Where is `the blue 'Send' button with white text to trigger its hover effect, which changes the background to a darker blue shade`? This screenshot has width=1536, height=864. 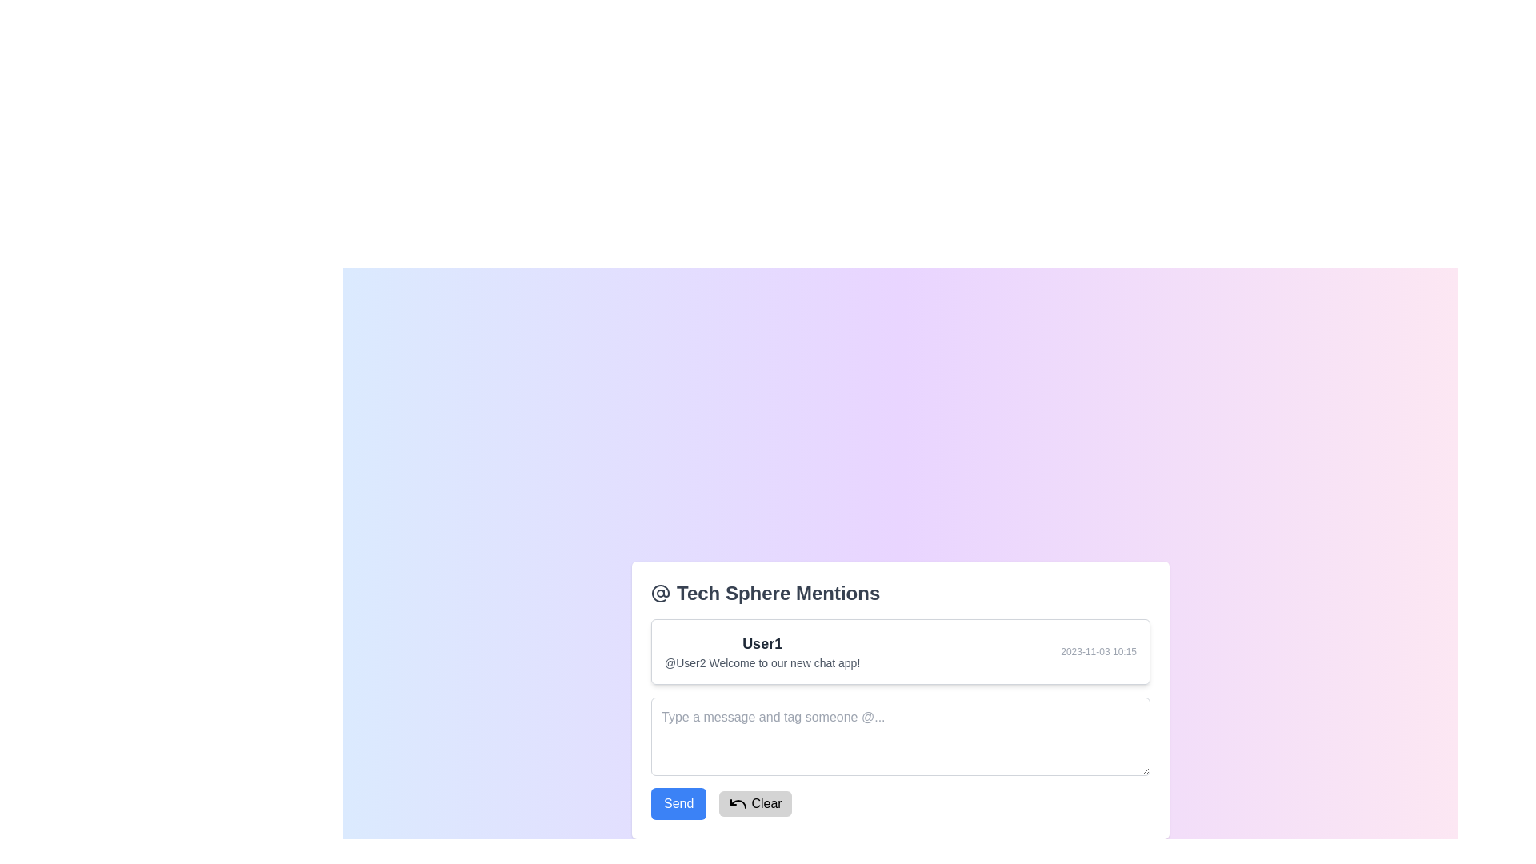 the blue 'Send' button with white text to trigger its hover effect, which changes the background to a darker blue shade is located at coordinates (678, 803).